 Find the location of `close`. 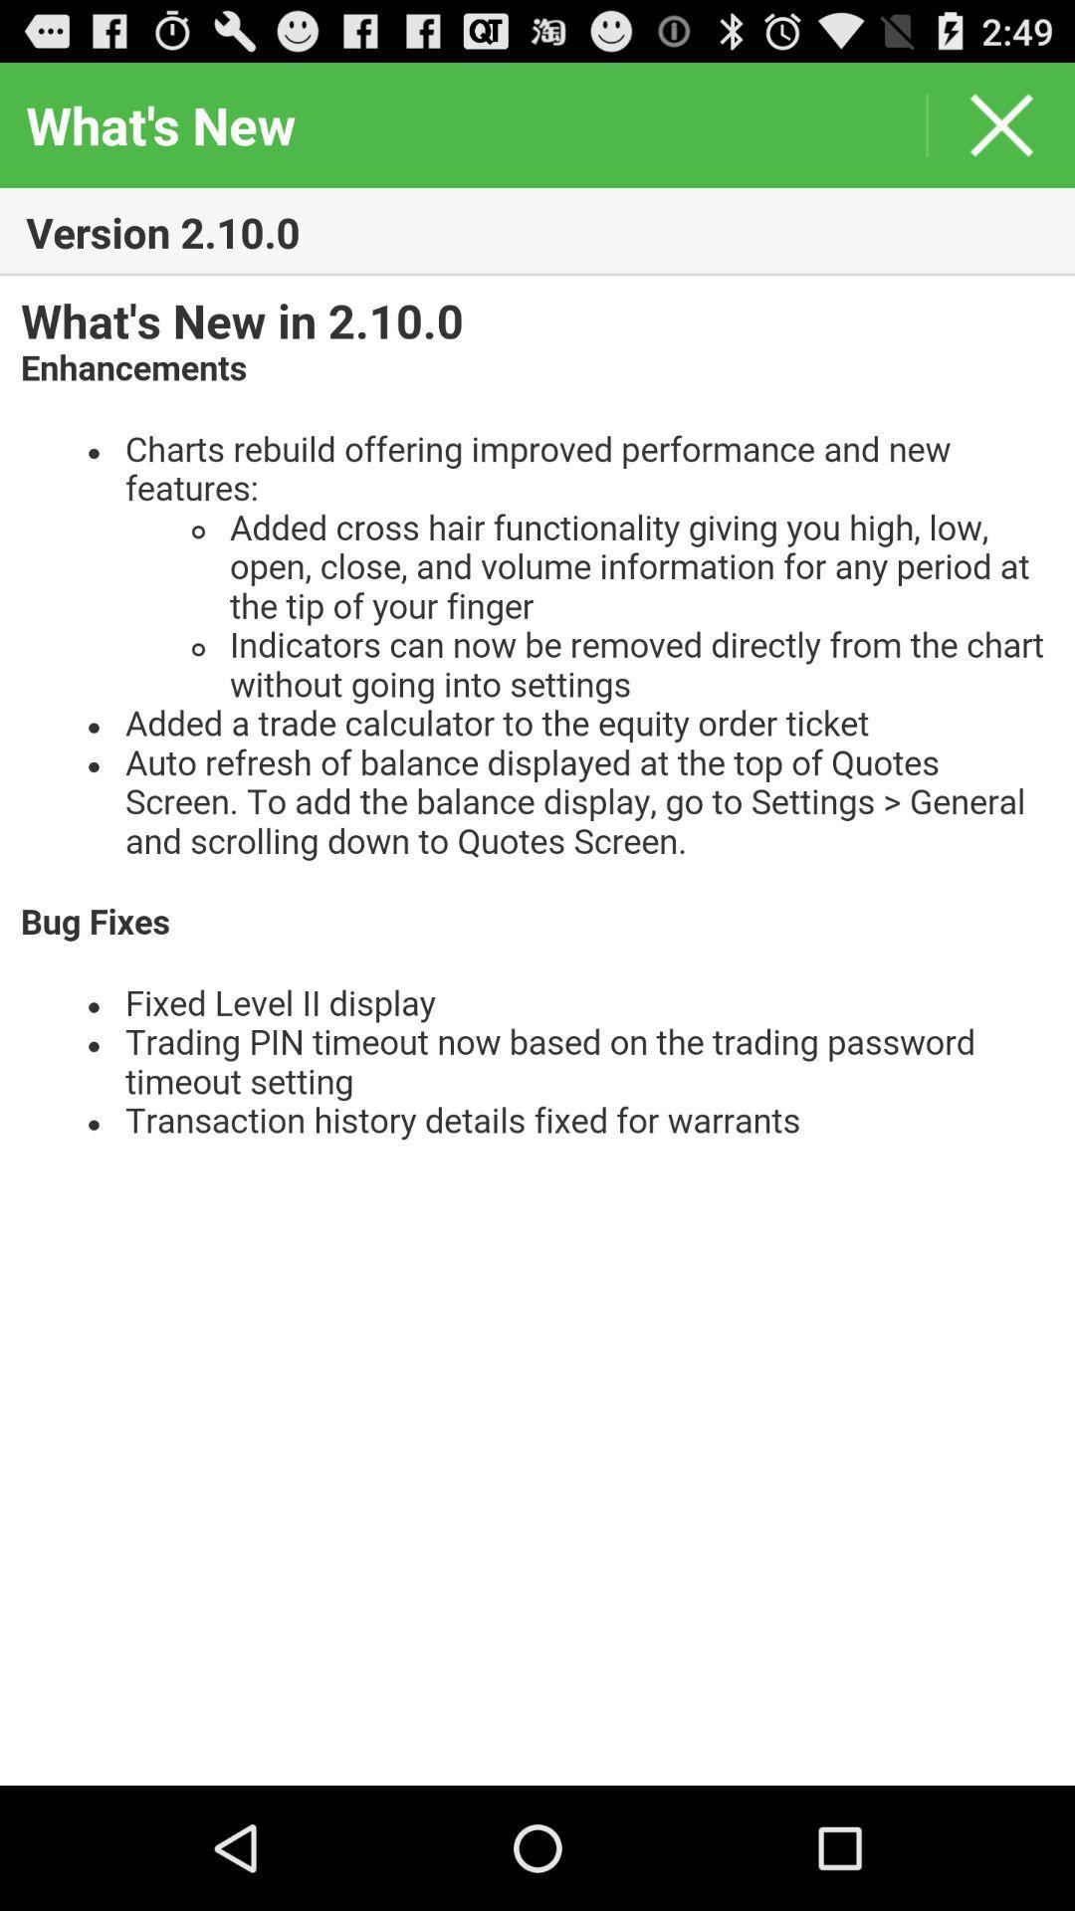

close is located at coordinates (1001, 123).